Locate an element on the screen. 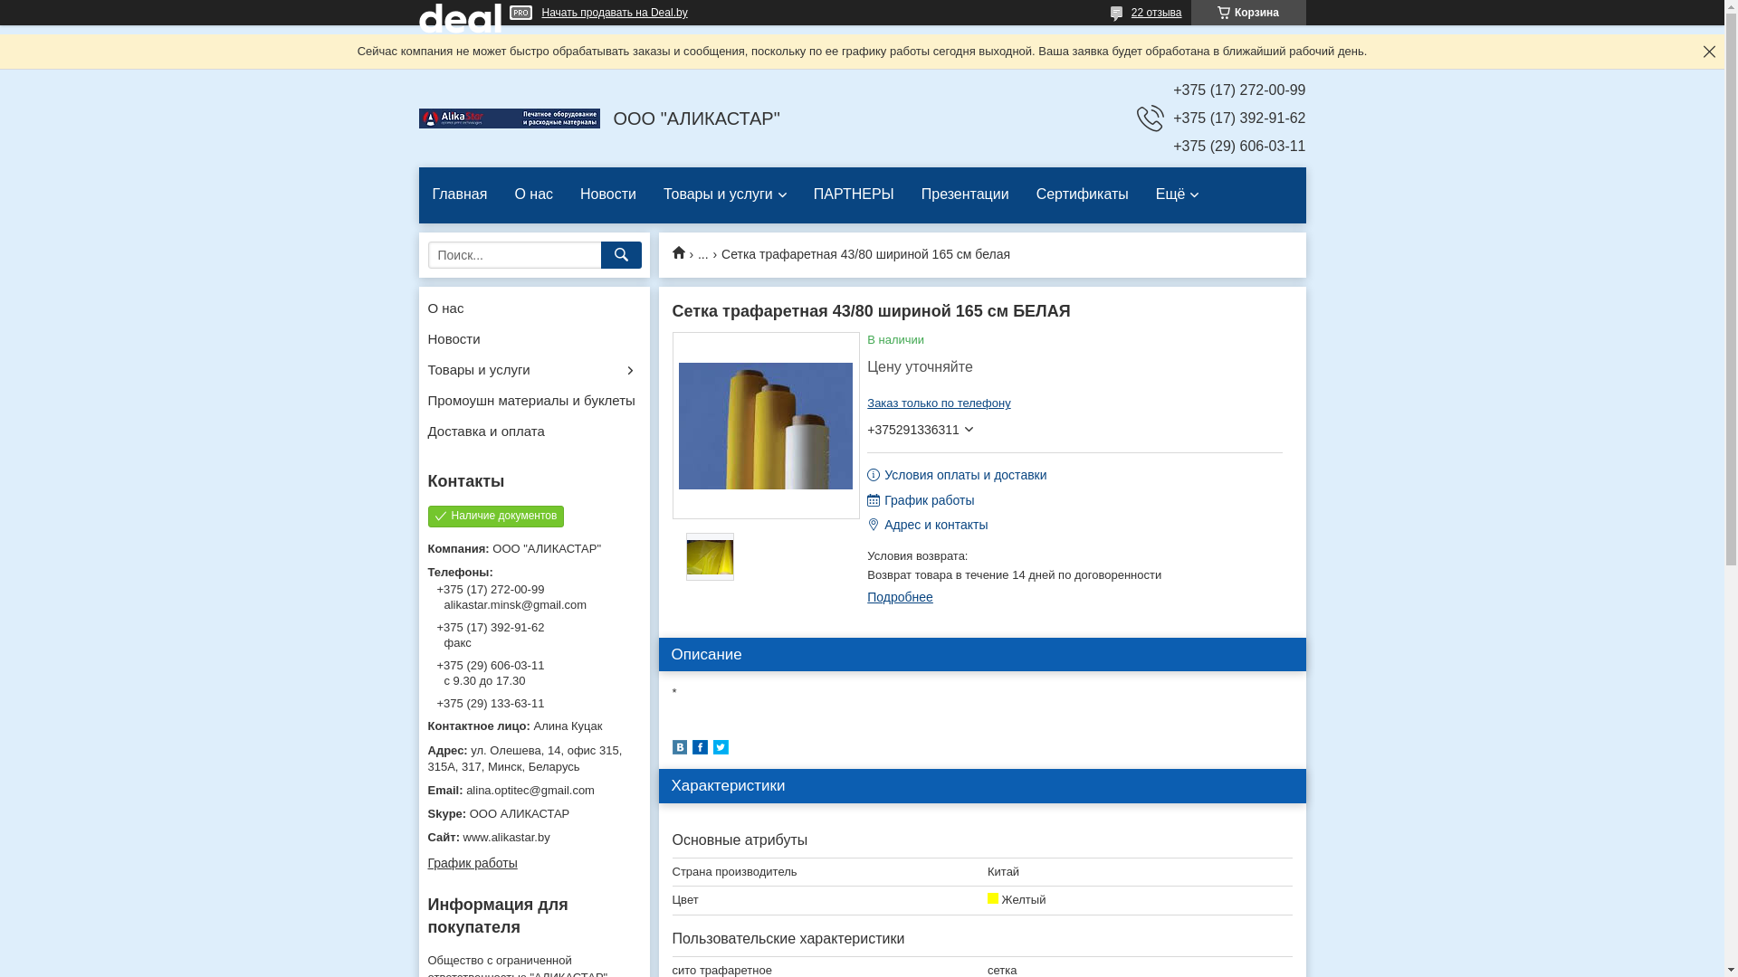 Image resolution: width=1738 pixels, height=977 pixels. 'alina.optitec@gmail.com' is located at coordinates (425, 790).